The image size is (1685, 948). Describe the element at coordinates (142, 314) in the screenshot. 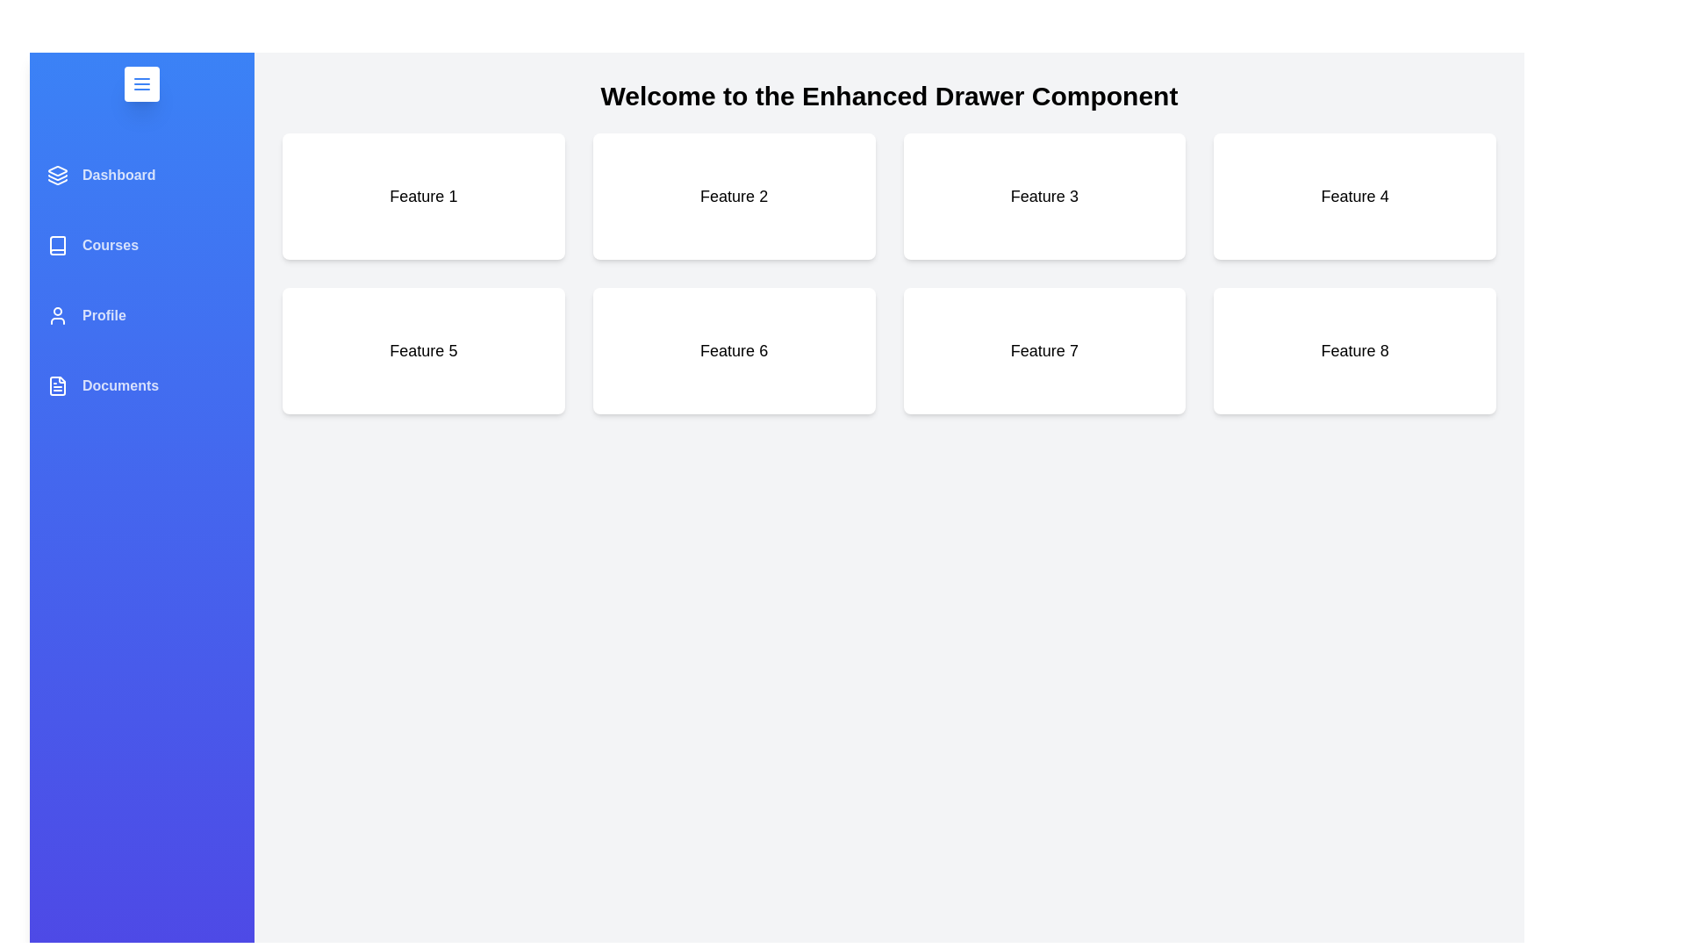

I see `the menu item Profile from the drawer` at that location.